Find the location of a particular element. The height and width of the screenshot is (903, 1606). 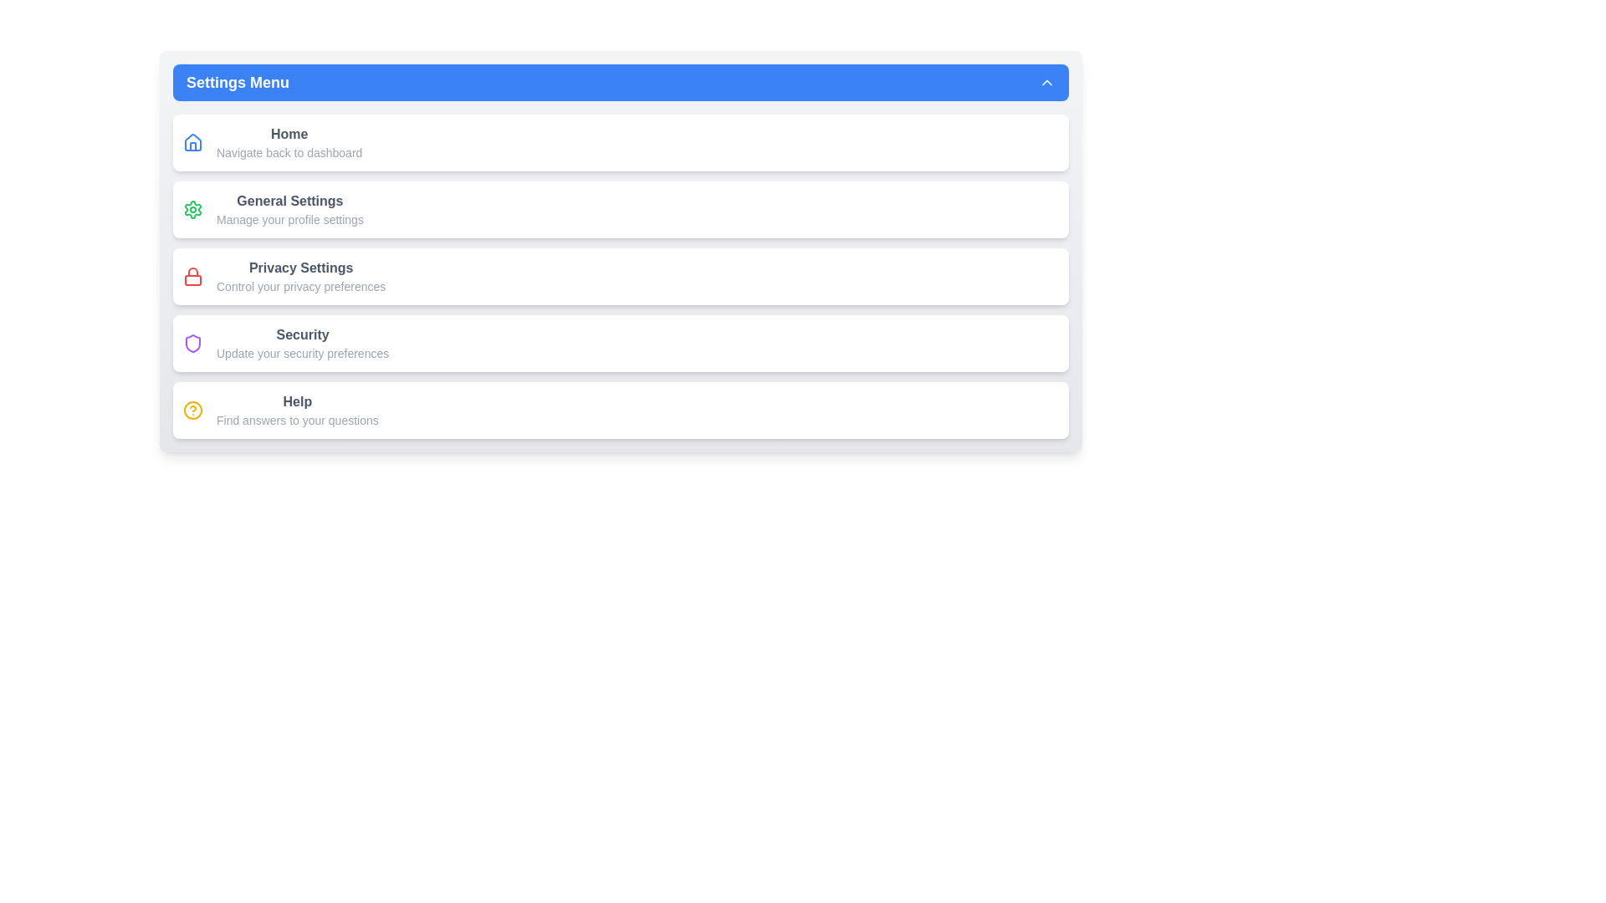

the Navigation card or button located in the Settings Menu is located at coordinates (620, 208).